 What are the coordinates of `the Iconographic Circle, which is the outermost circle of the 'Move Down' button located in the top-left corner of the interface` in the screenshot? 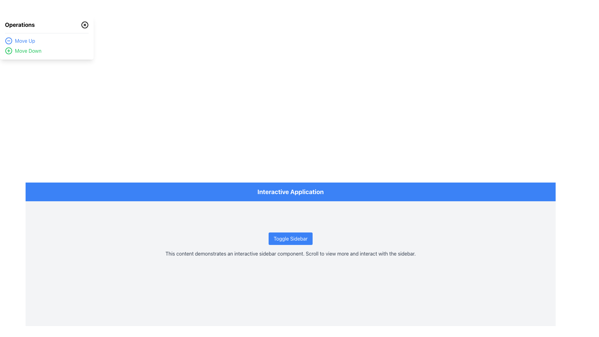 It's located at (9, 50).